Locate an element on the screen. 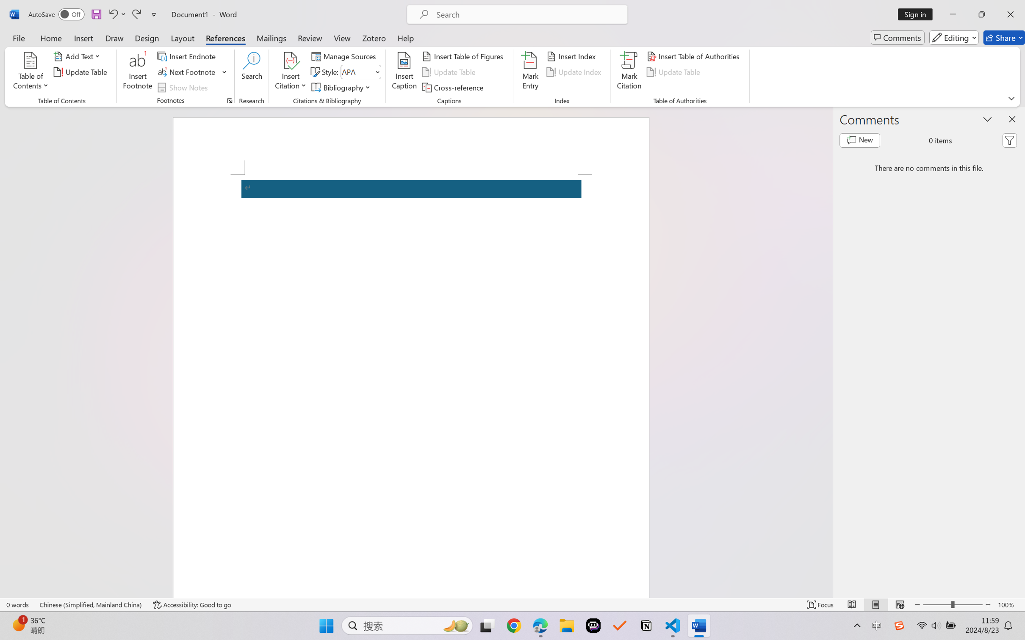 The width and height of the screenshot is (1025, 640). 'Add Text' is located at coordinates (78, 55).